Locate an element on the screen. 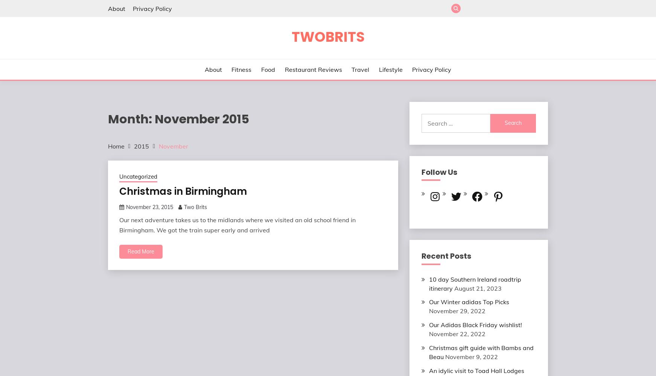 Image resolution: width=656 pixels, height=376 pixels. 'twobrits' is located at coordinates (327, 36).